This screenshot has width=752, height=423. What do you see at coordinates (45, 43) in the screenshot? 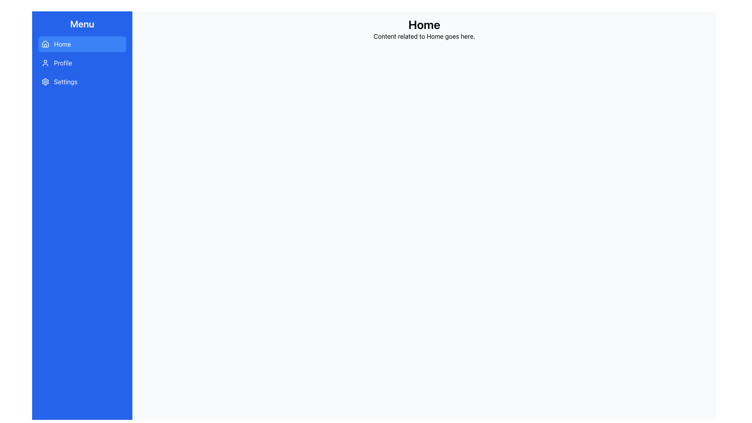
I see `the house icon in the navigation menu, which represents the 'Home' menu item and is located on the left side of the application` at bounding box center [45, 43].